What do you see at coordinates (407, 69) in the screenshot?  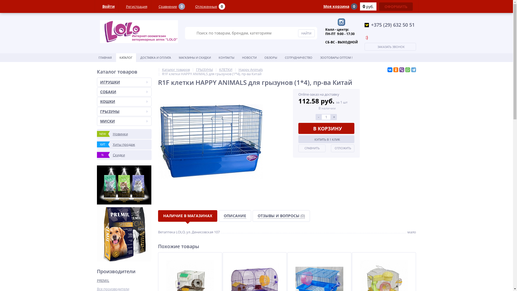 I see `'WhatsApp'` at bounding box center [407, 69].